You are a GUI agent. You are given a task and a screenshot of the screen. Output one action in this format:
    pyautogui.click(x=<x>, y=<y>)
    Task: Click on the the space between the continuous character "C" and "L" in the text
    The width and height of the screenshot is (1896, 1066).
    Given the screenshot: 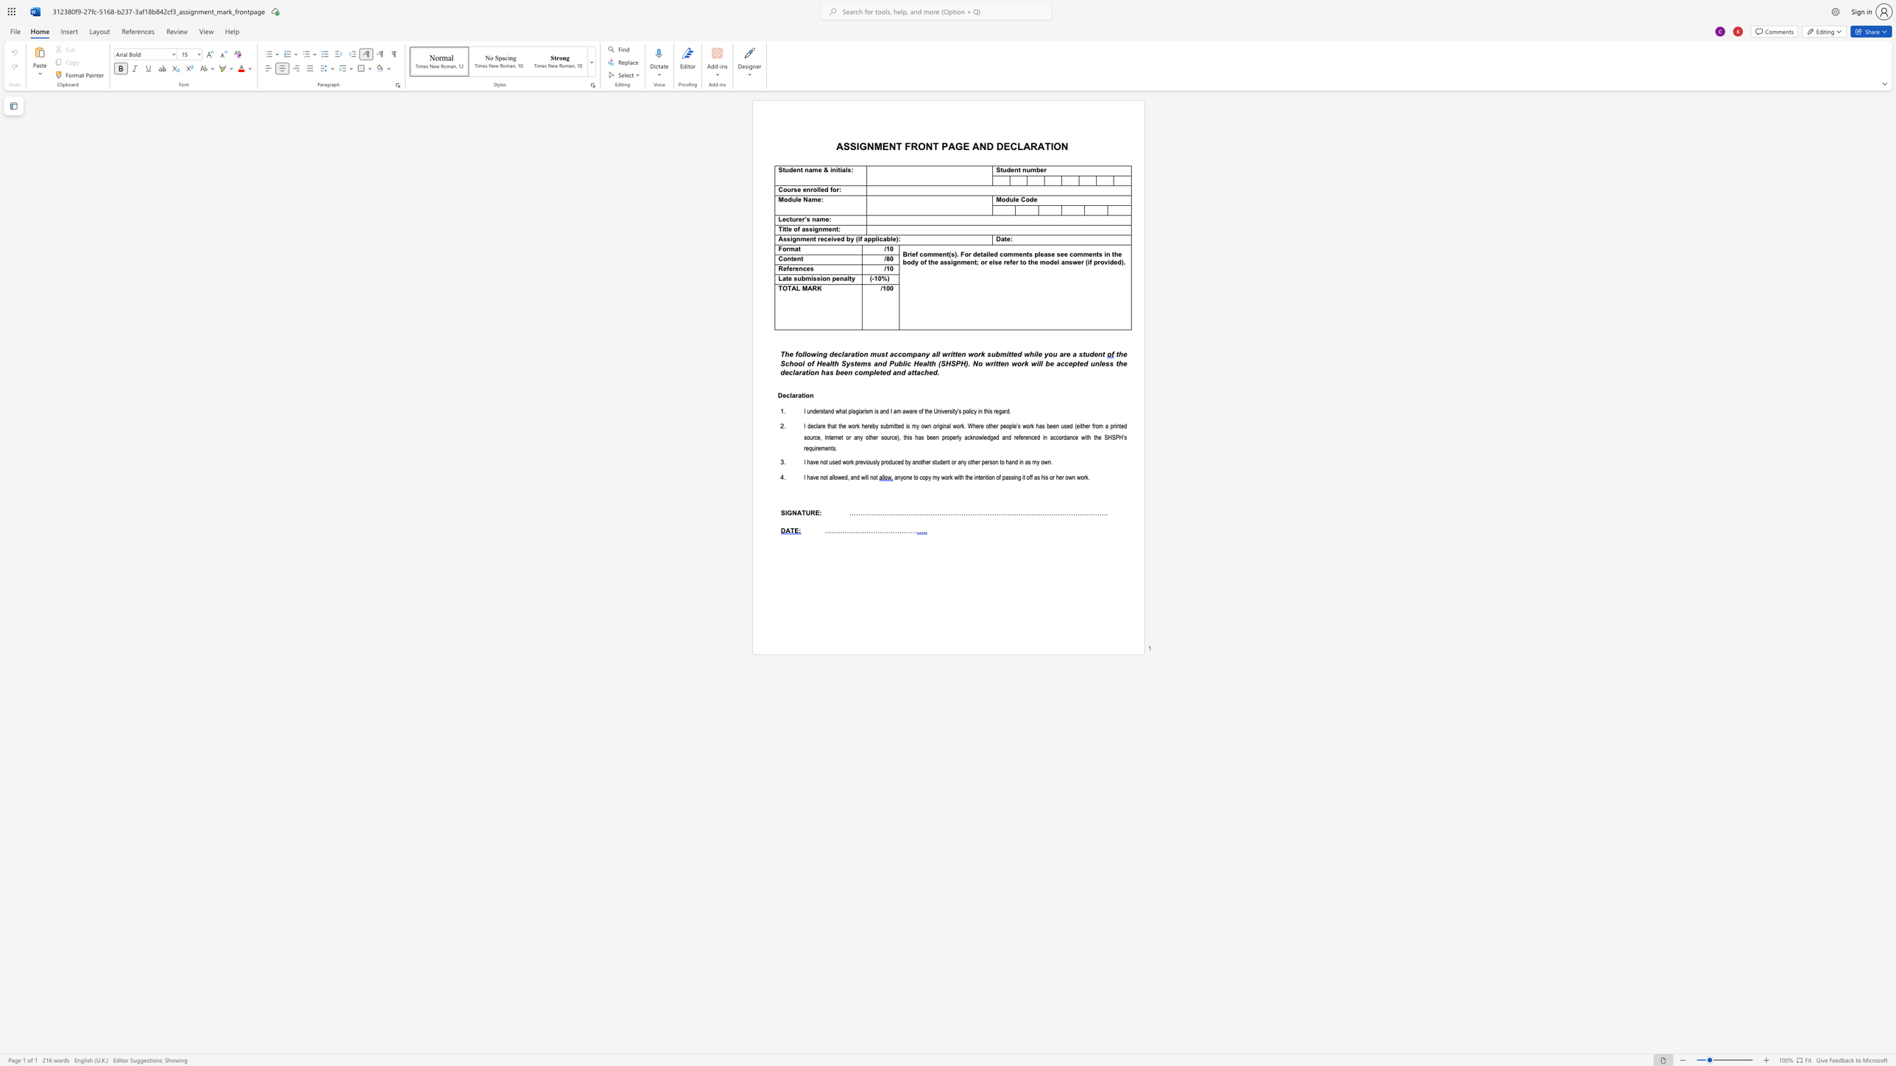 What is the action you would take?
    pyautogui.click(x=1016, y=145)
    